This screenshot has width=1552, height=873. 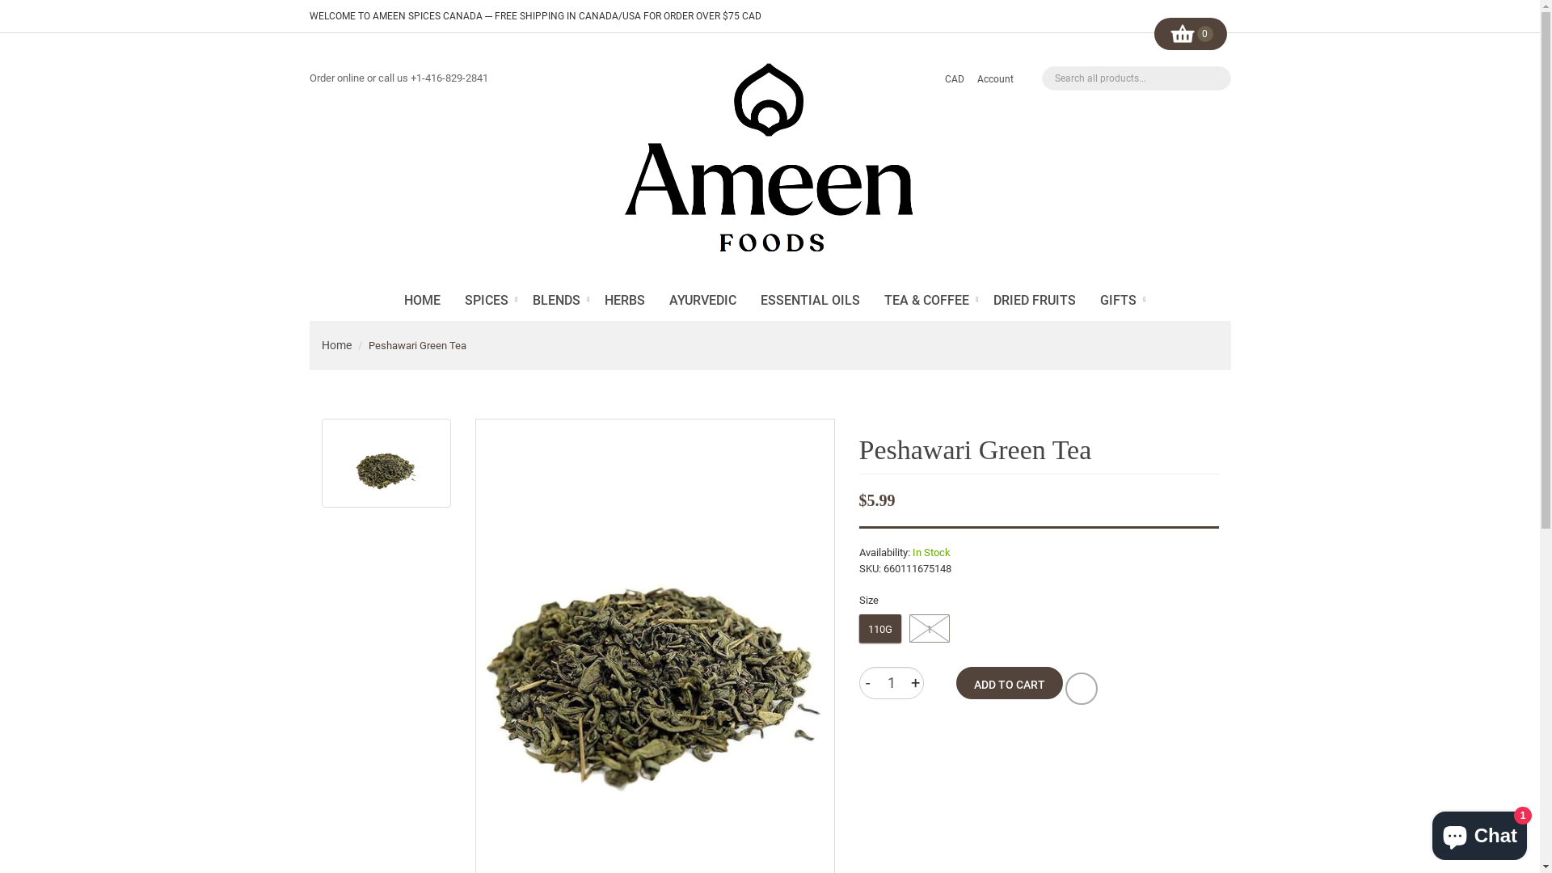 I want to click on 'ESSENTIAL OILS', so click(x=810, y=300).